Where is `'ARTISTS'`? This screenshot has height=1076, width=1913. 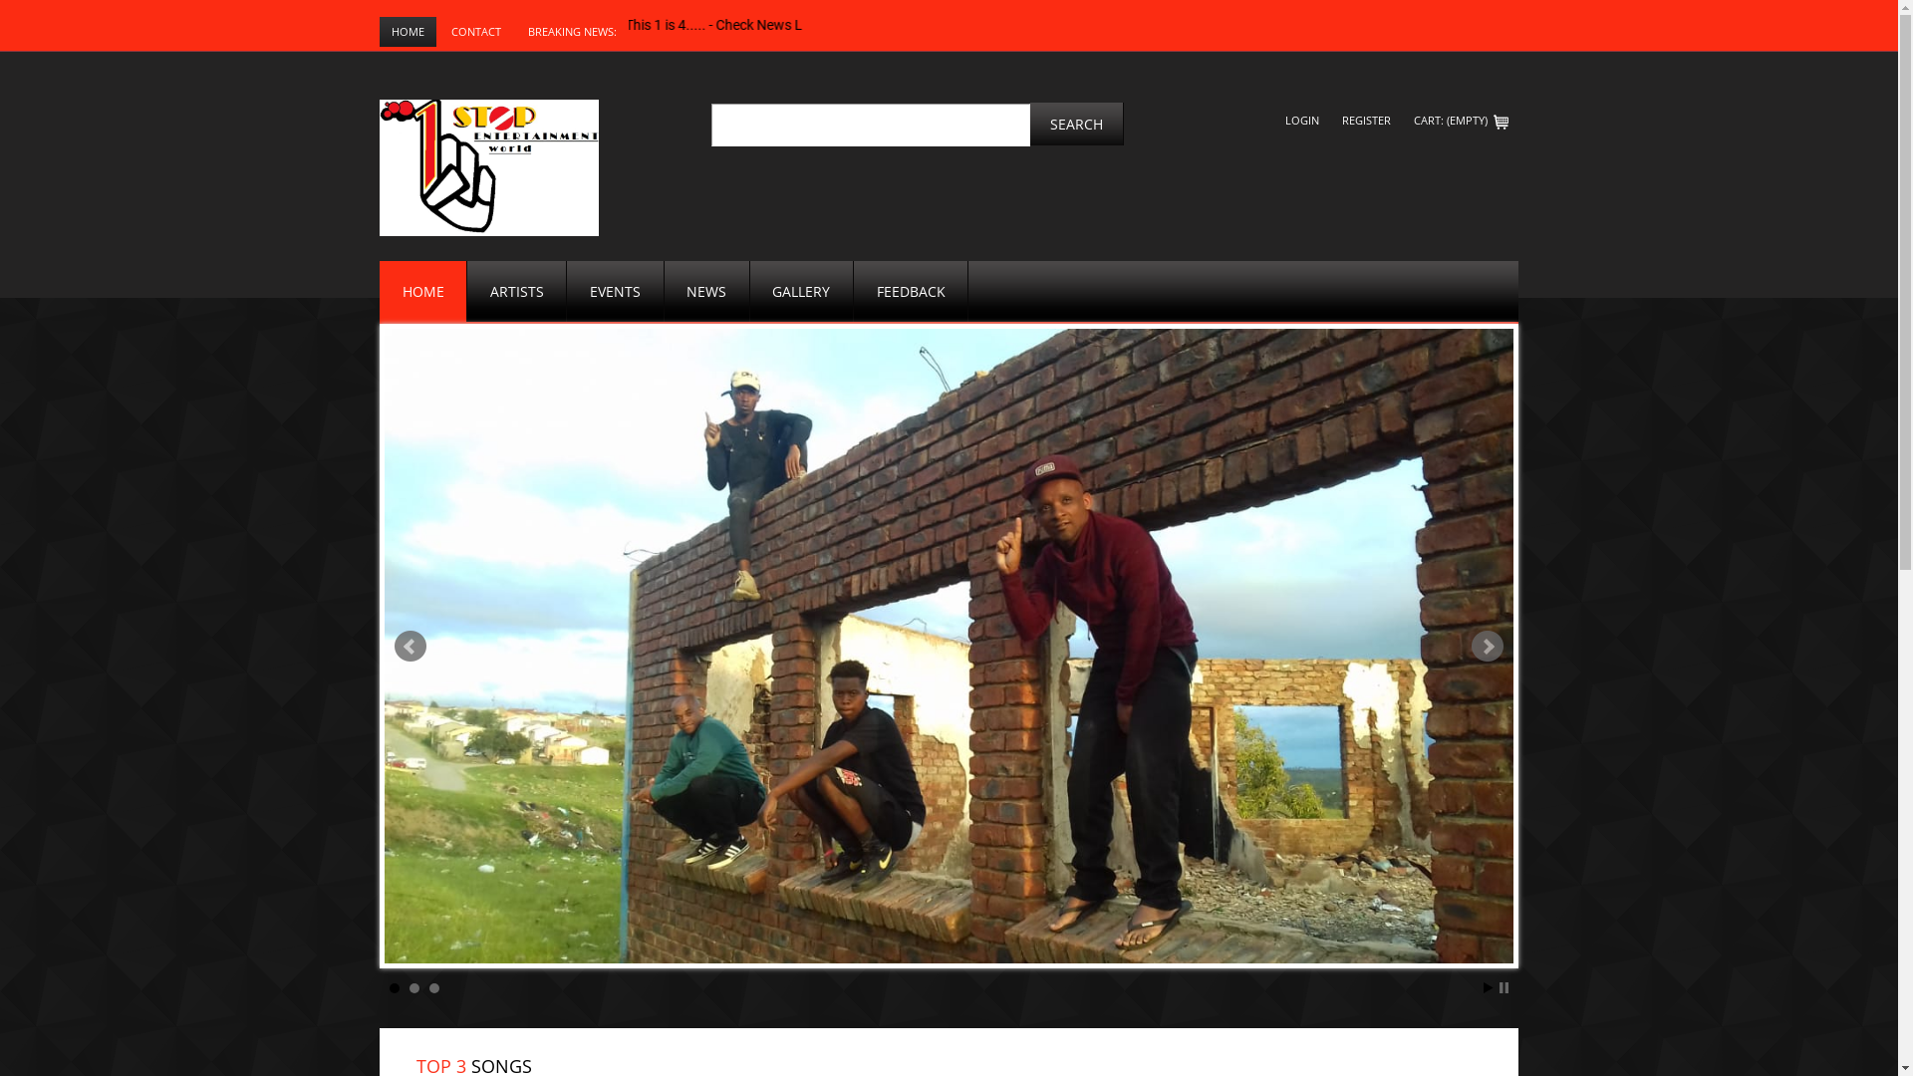
'ARTISTS' is located at coordinates (466, 291).